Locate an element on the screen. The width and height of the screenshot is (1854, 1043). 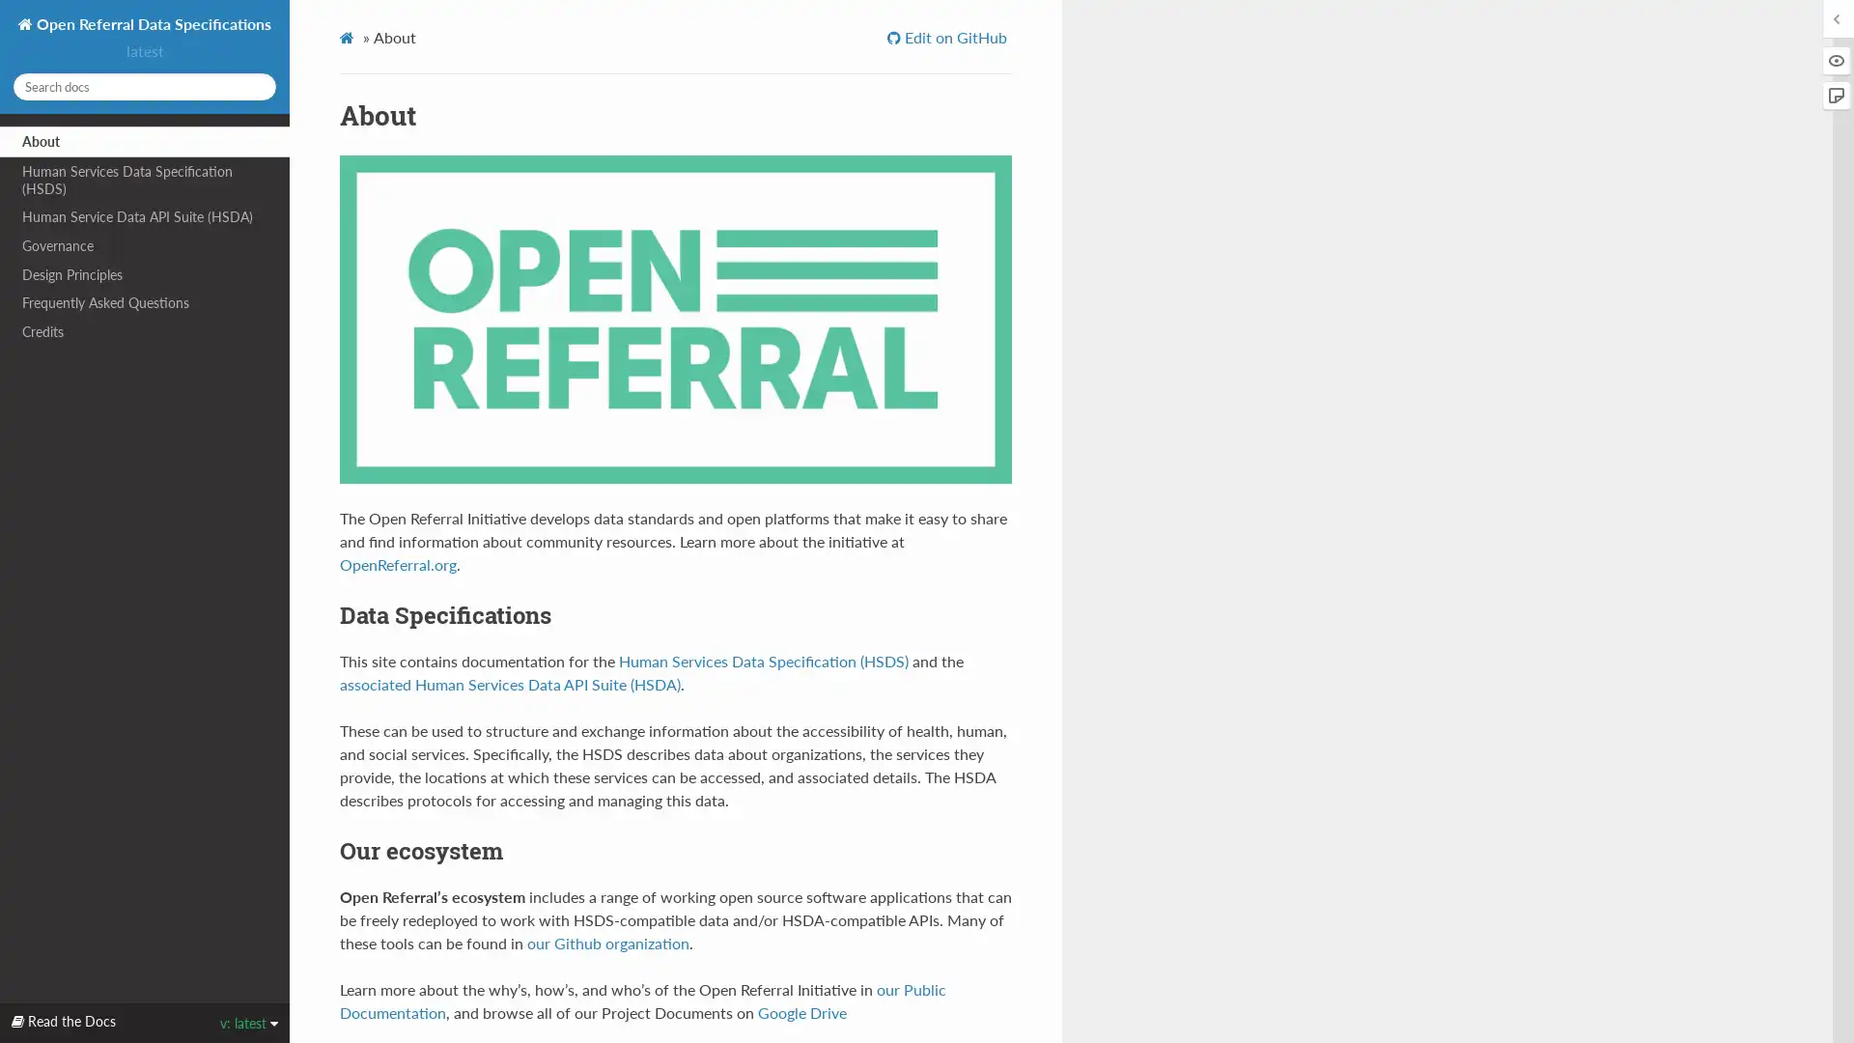
Show highlights is located at coordinates (1835, 59).